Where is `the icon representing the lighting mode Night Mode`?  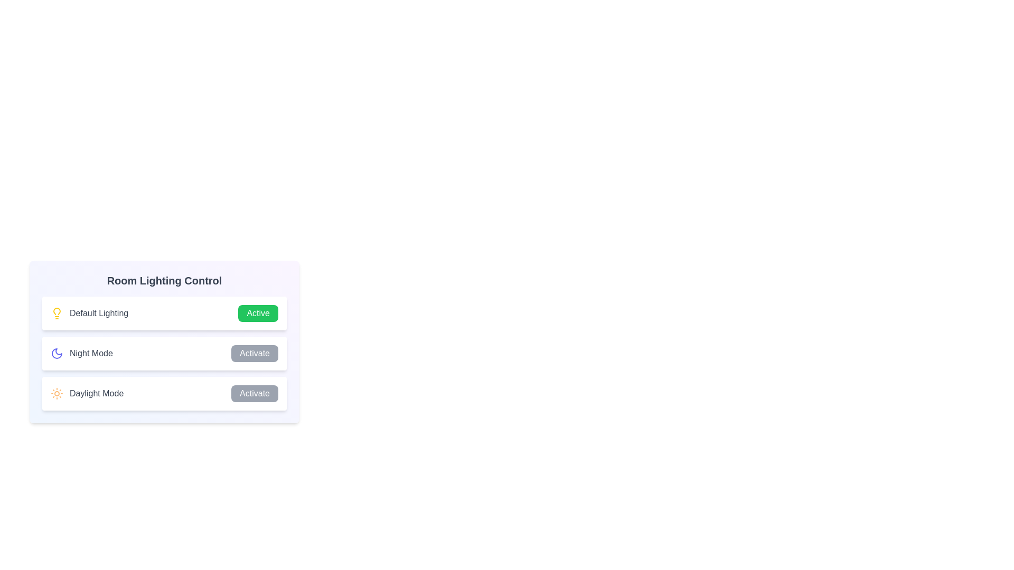
the icon representing the lighting mode Night Mode is located at coordinates (57, 354).